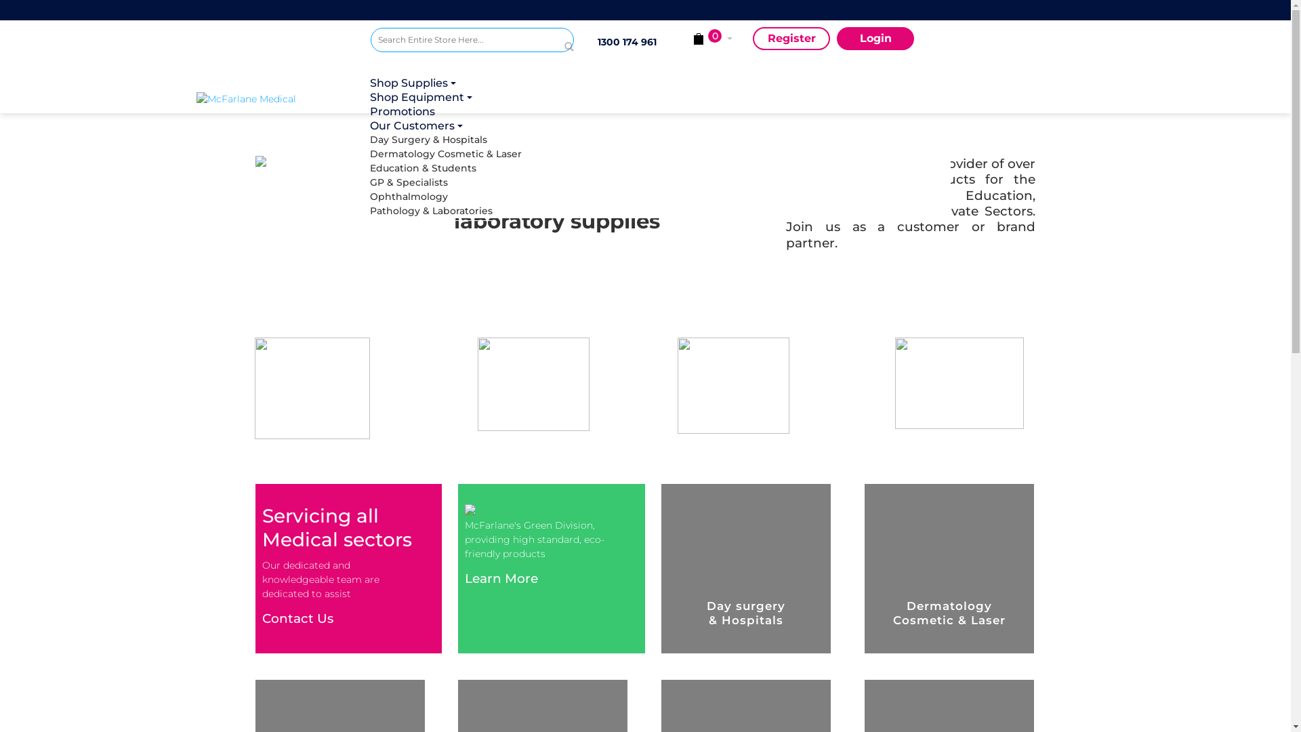 This screenshot has height=732, width=1301. What do you see at coordinates (370, 197) in the screenshot?
I see `'Ophthalmology'` at bounding box center [370, 197].